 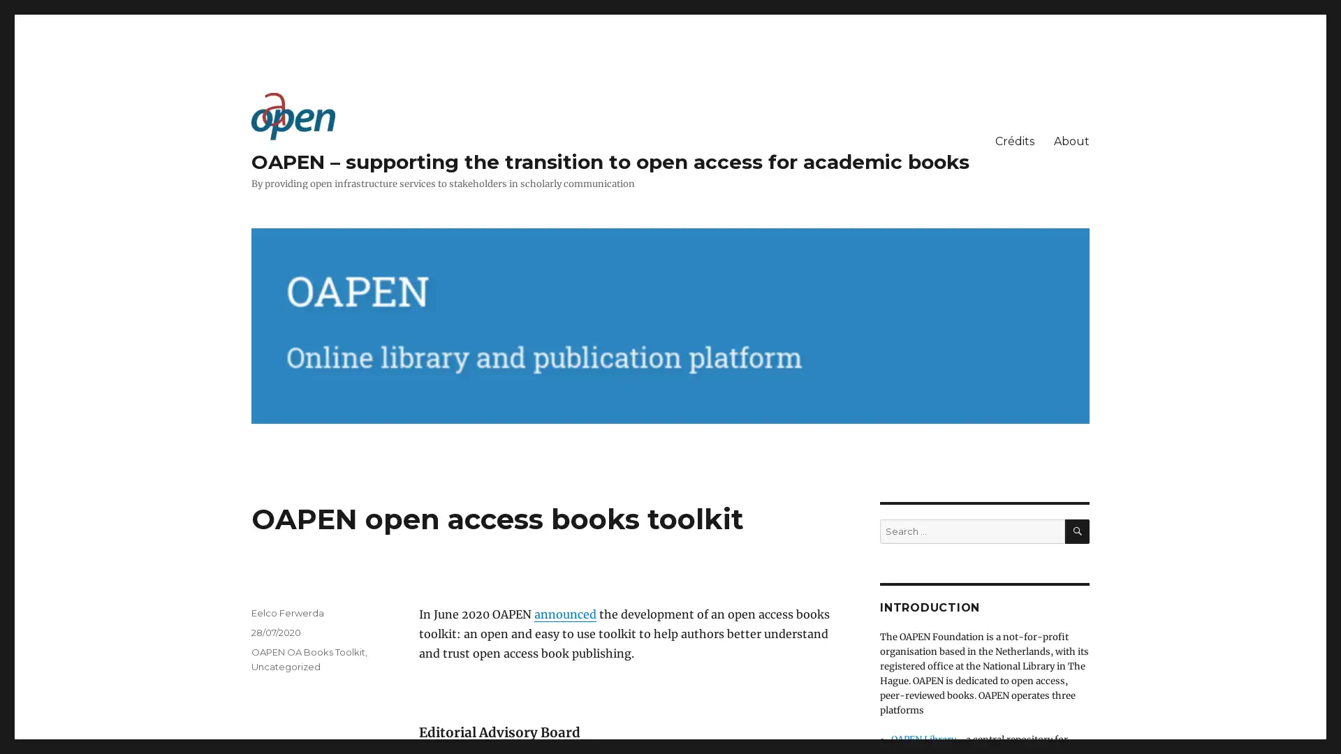 I want to click on SEARCH, so click(x=1076, y=531).